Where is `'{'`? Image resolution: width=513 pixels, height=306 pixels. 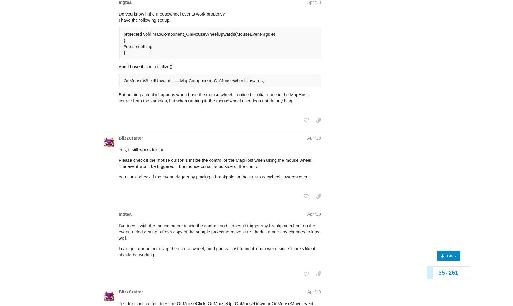
'{' is located at coordinates (124, 17).